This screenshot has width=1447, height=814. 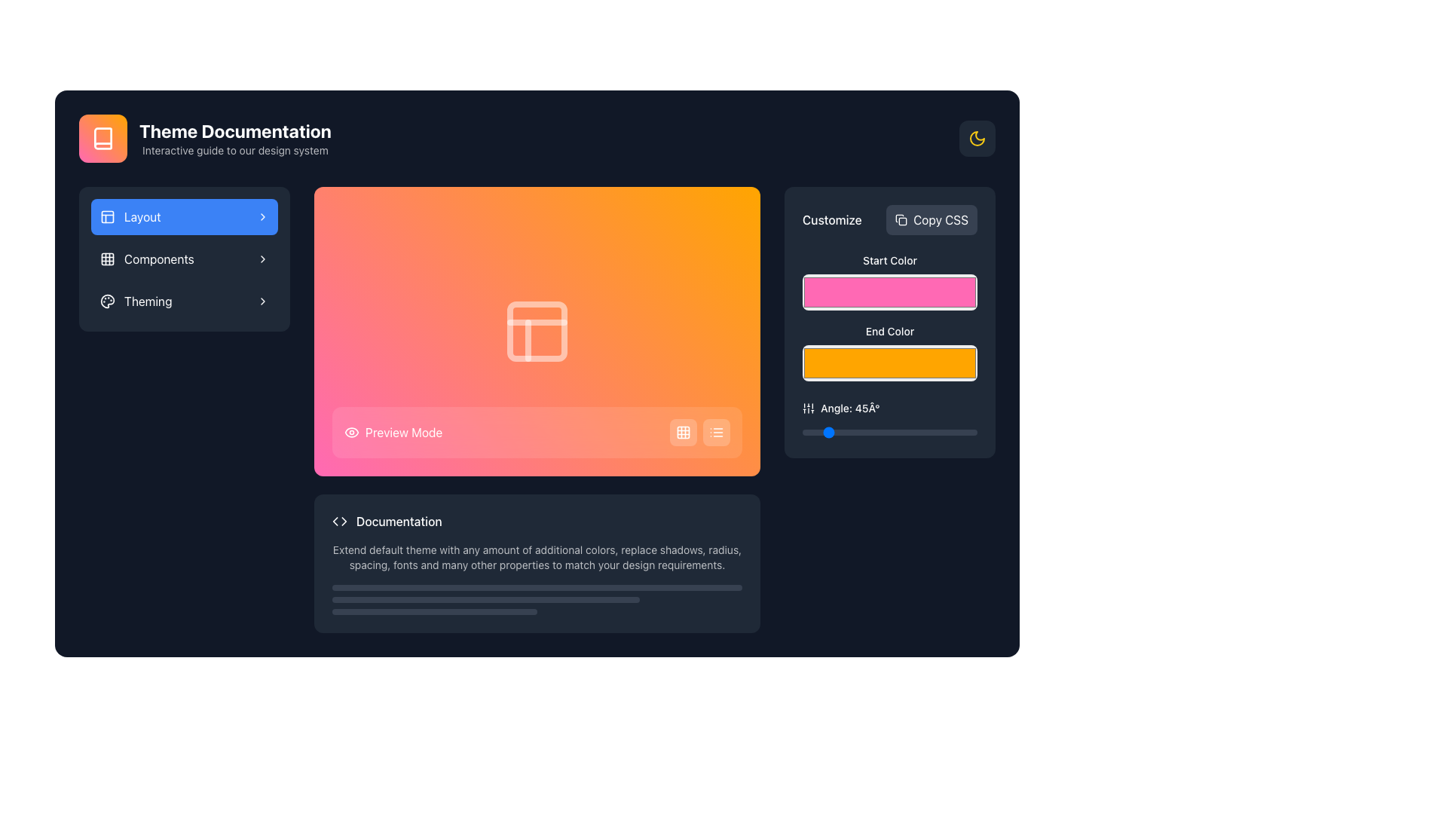 What do you see at coordinates (889, 282) in the screenshot?
I see `the color picker located beneath the 'Start Color' label in the customization panel` at bounding box center [889, 282].